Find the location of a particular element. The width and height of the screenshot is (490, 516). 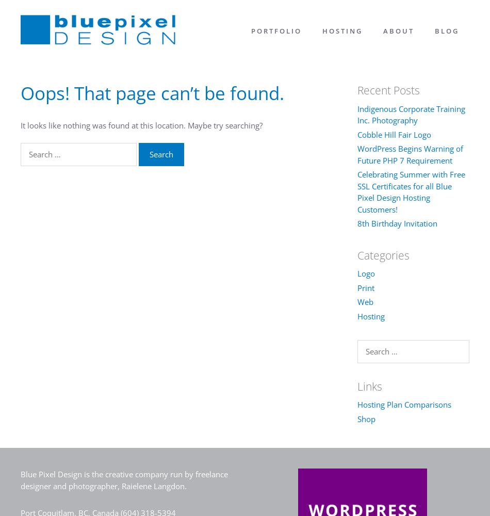

'Hosting' is located at coordinates (370, 315).